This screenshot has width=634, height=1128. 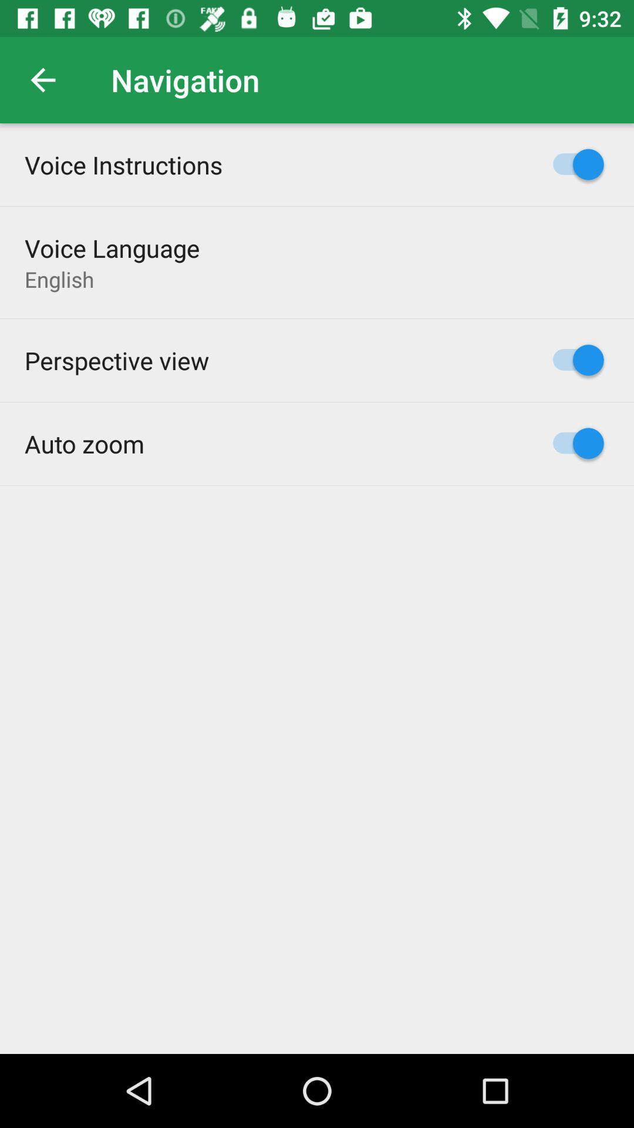 I want to click on the auto zoom on the left, so click(x=83, y=443).